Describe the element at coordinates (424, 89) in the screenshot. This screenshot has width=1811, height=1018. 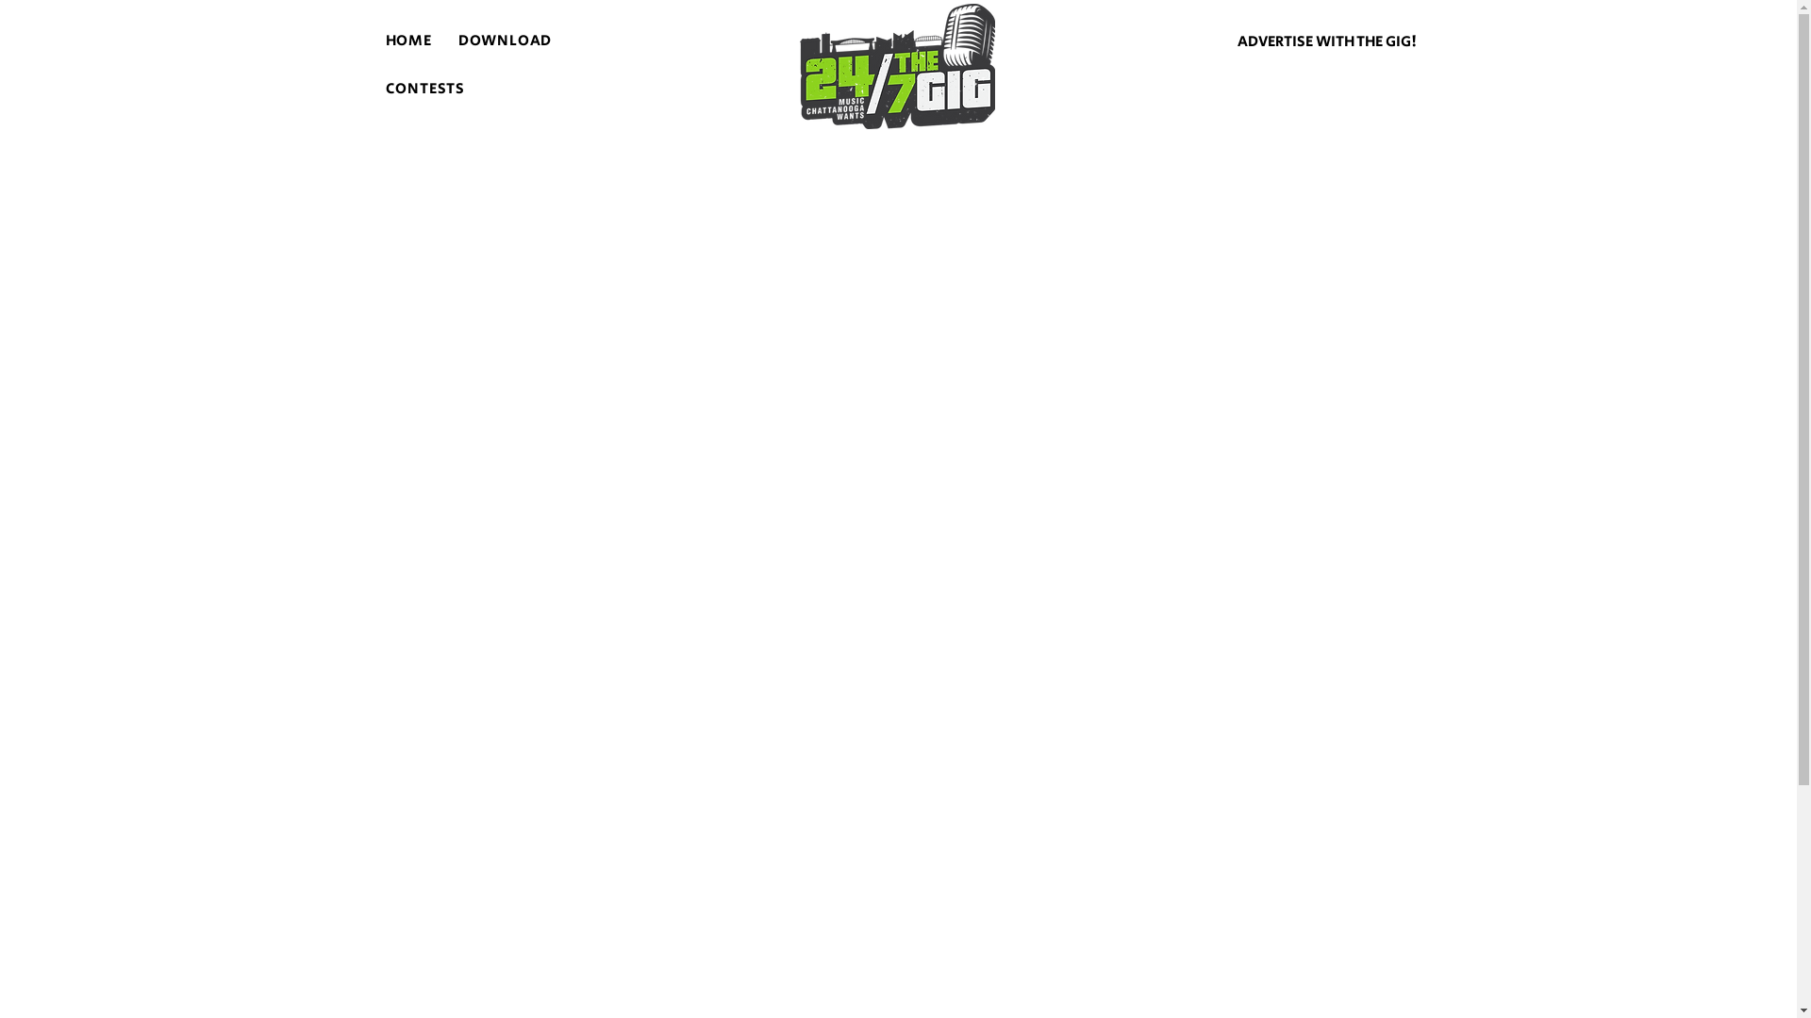
I see `'CONTESTS'` at that location.